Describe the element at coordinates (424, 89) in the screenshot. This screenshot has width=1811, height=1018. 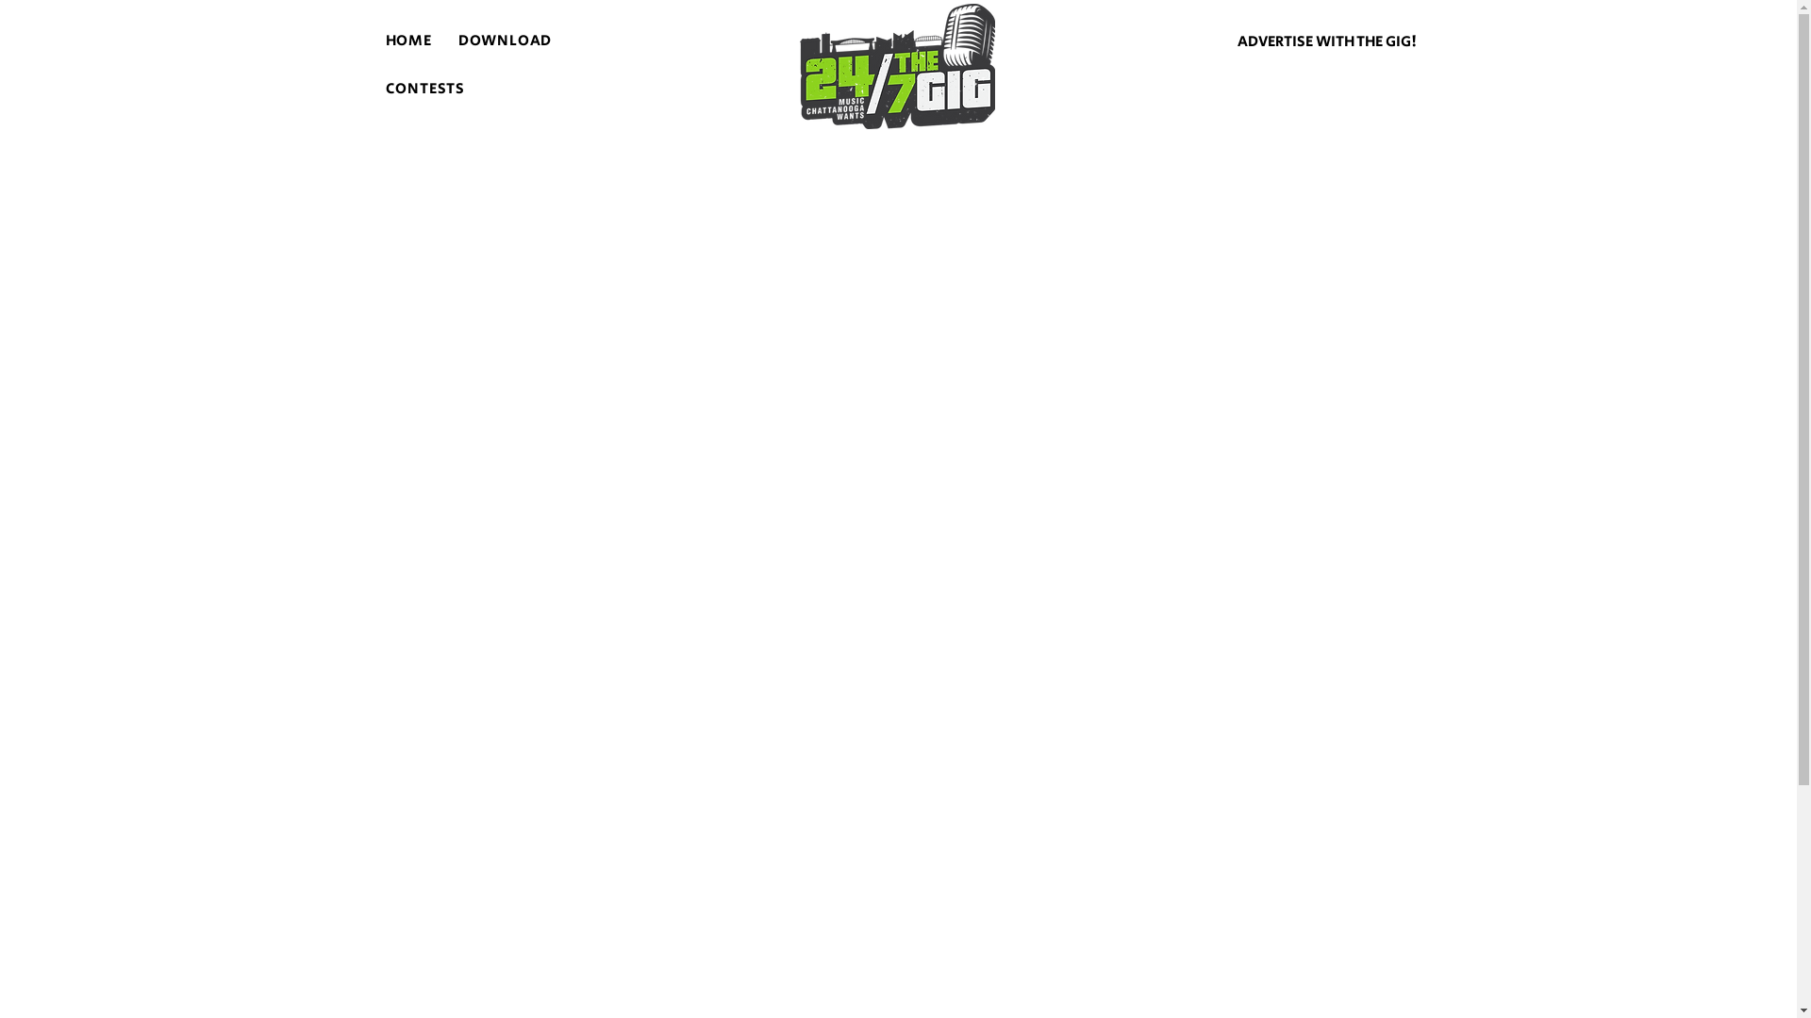
I see `'CONTESTS'` at that location.